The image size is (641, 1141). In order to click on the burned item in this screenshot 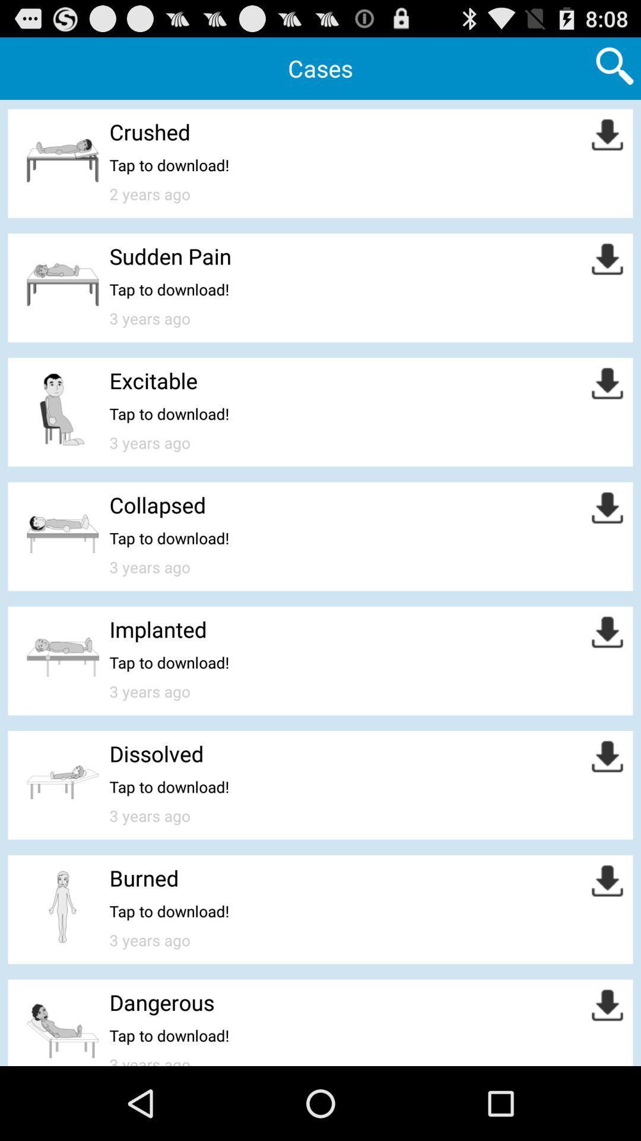, I will do `click(144, 878)`.